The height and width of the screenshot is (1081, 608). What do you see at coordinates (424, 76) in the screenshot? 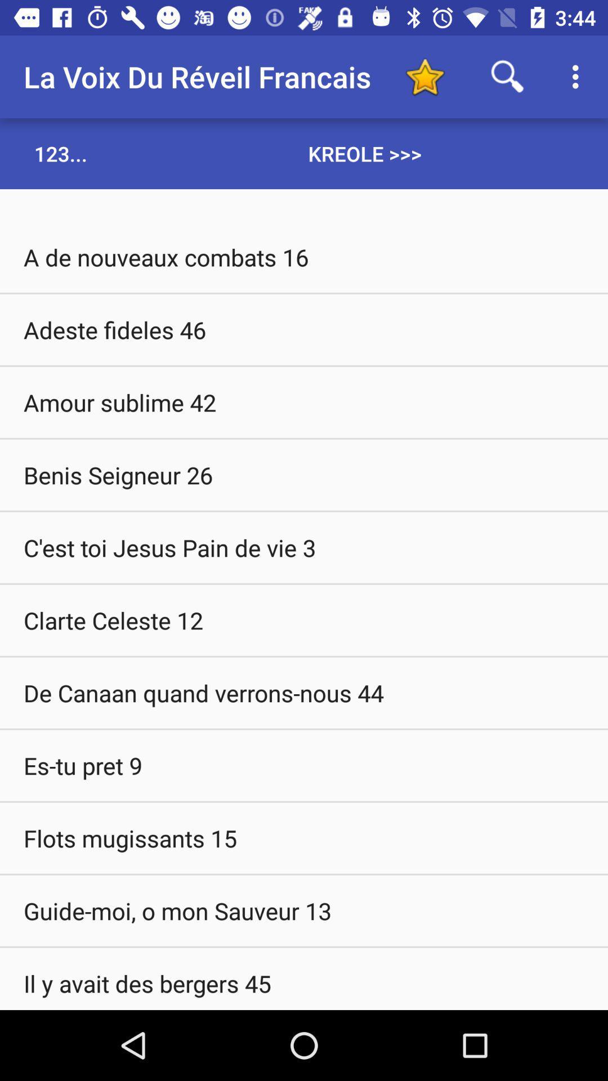
I see `mark as favorite` at bounding box center [424, 76].